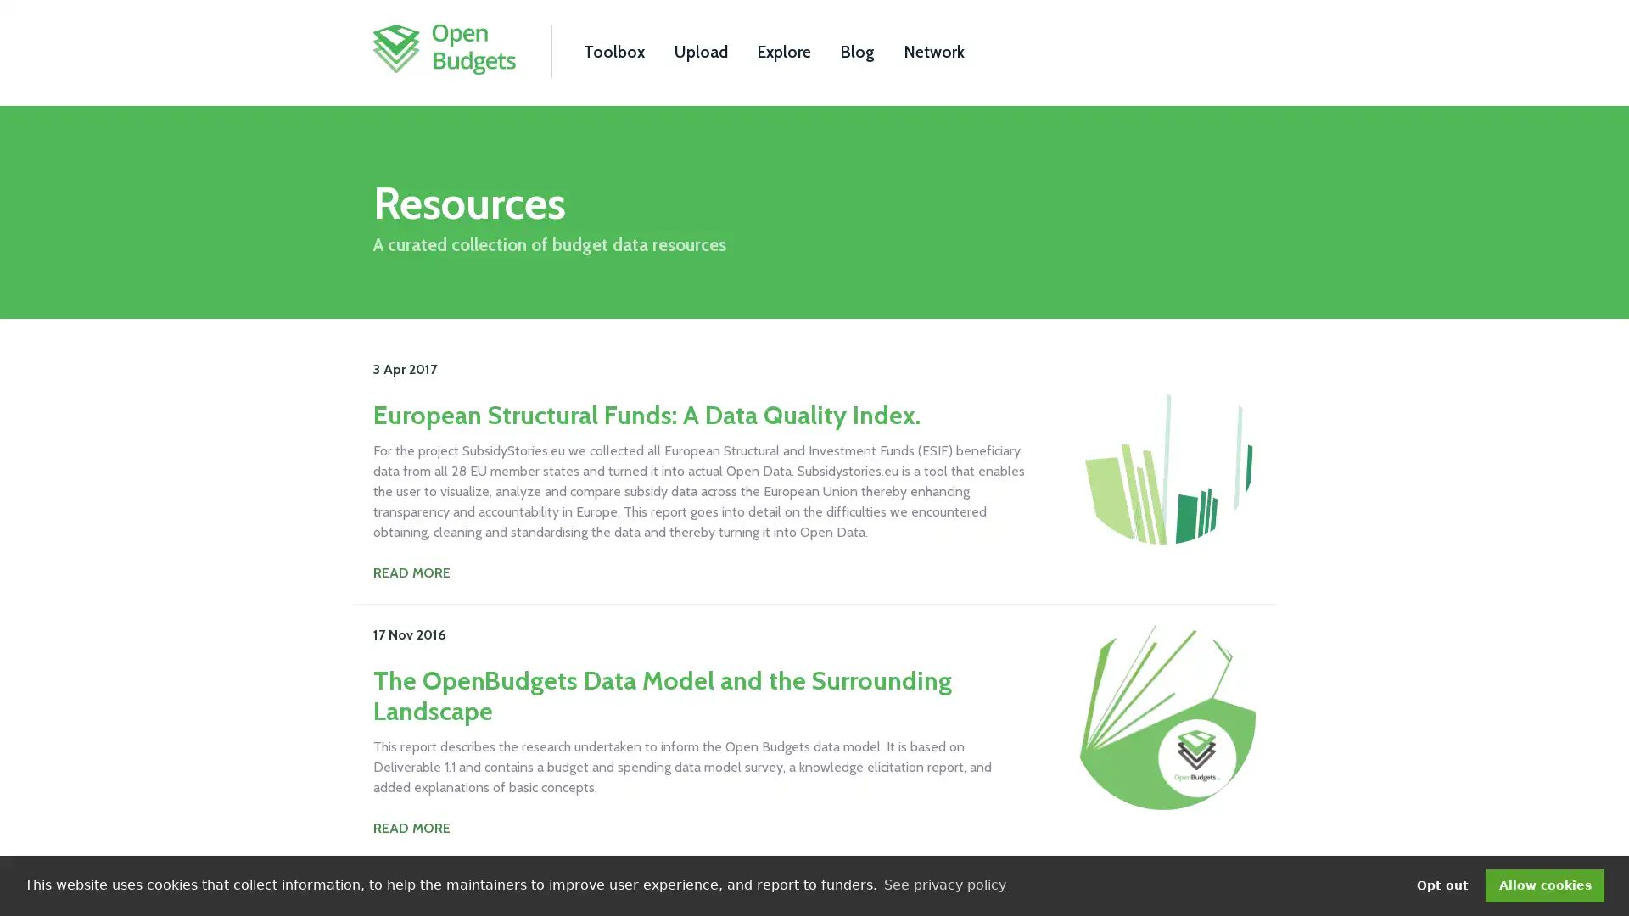 This screenshot has width=1629, height=916. Describe the element at coordinates (1441, 885) in the screenshot. I see `deny cookies` at that location.